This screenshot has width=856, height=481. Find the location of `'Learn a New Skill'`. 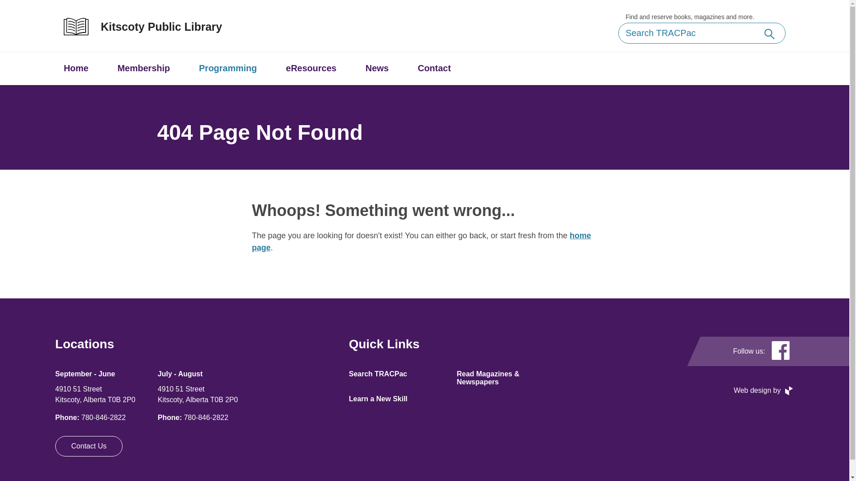

'Learn a New Skill' is located at coordinates (378, 398).